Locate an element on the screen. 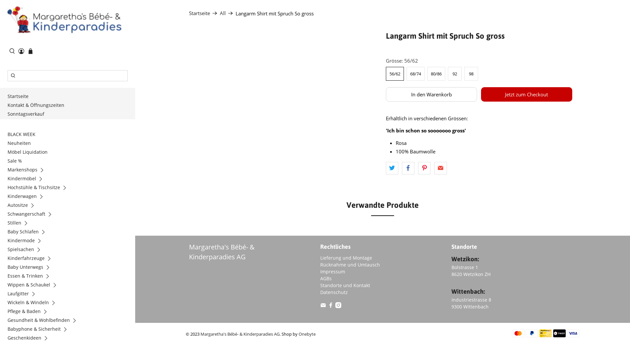 Image resolution: width=630 pixels, height=354 pixels. 'Wickeln & Windeln' is located at coordinates (33, 303).